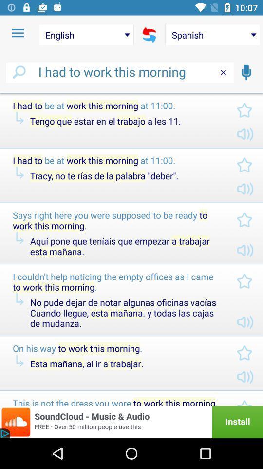 The width and height of the screenshot is (263, 469). Describe the element at coordinates (212, 35) in the screenshot. I see `spanish item` at that location.